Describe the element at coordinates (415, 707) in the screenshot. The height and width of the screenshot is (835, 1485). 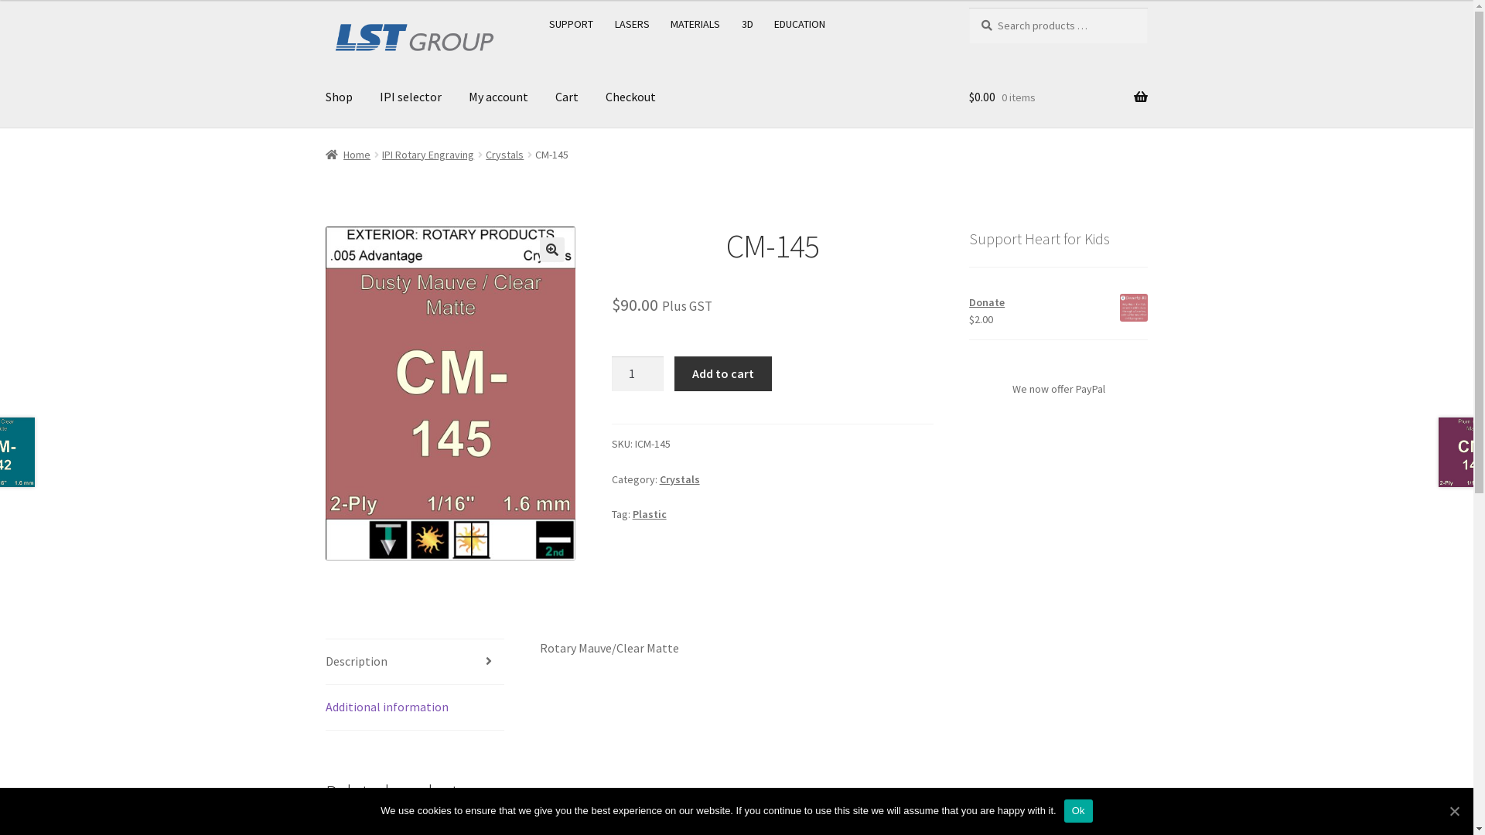
I see `'Additional information'` at that location.